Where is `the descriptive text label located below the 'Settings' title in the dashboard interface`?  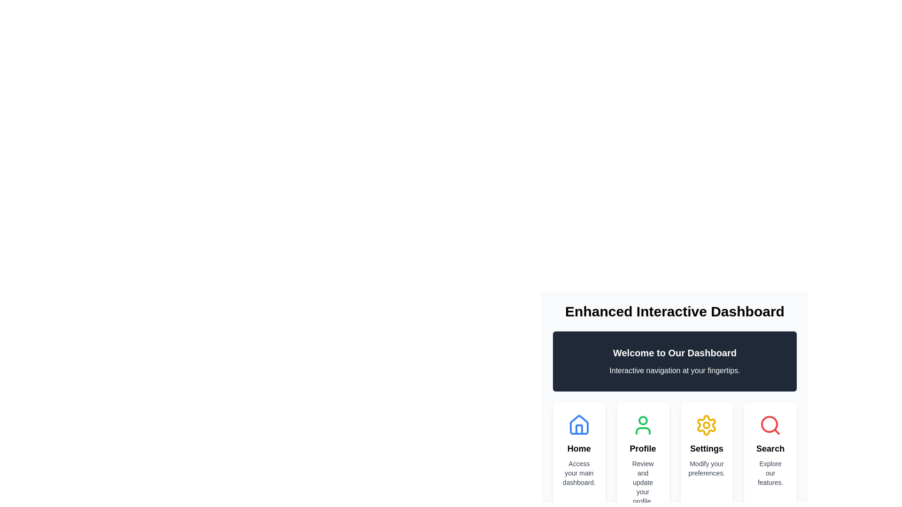 the descriptive text label located below the 'Settings' title in the dashboard interface is located at coordinates (707, 469).